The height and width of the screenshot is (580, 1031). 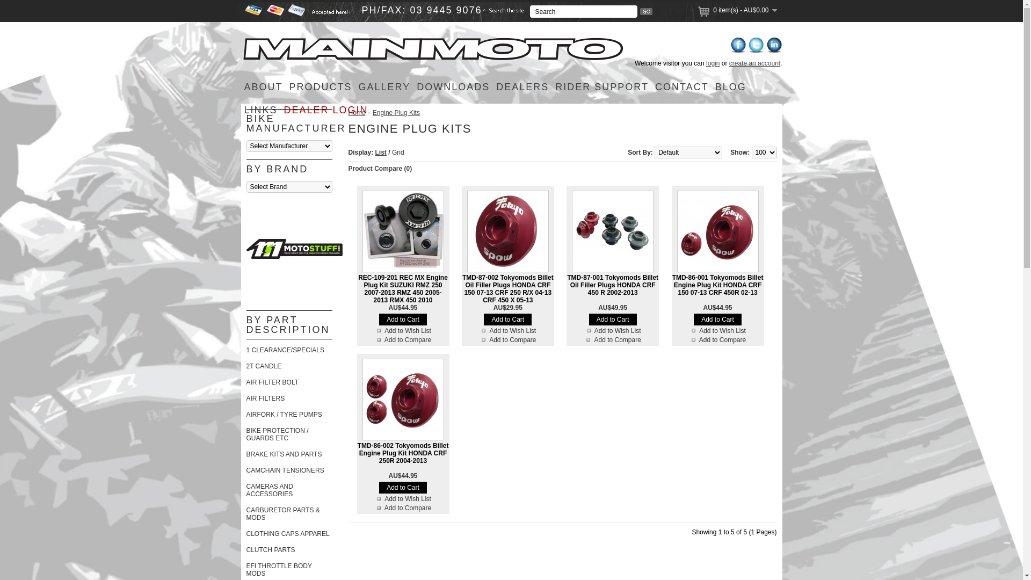 I want to click on 'DOWNLOADS', so click(x=412, y=86).